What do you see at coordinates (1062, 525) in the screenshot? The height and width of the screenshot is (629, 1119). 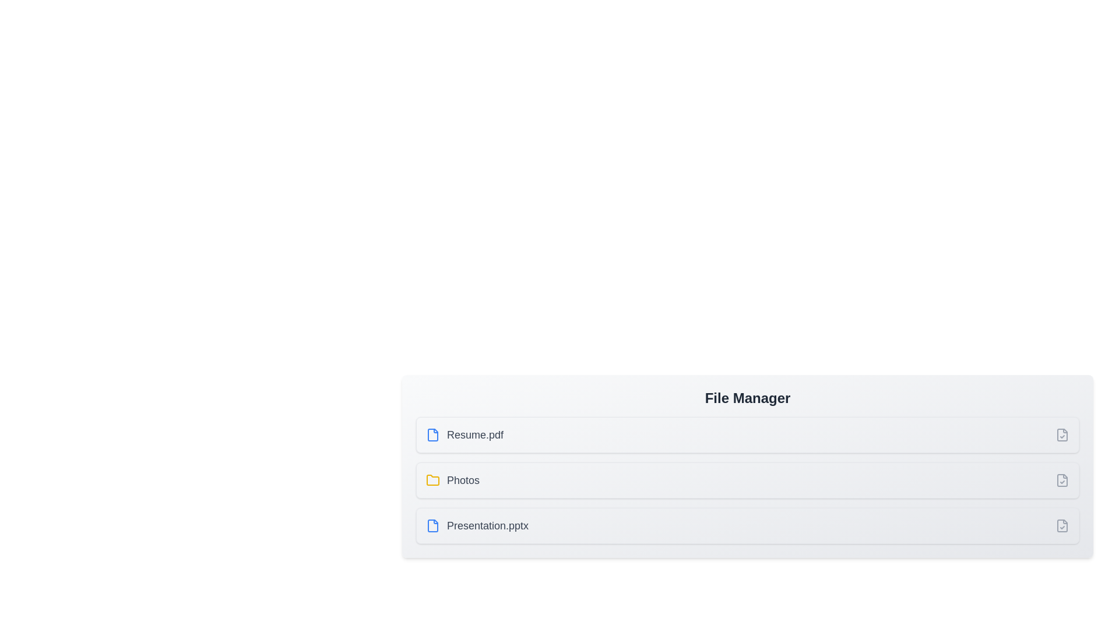 I see `the item corresponding to Presentation.pptx by clicking its checkbox` at bounding box center [1062, 525].